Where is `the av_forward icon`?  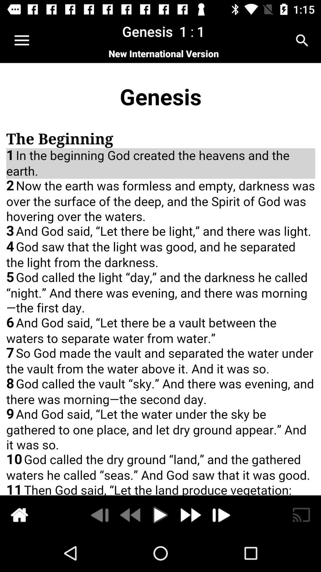 the av_forward icon is located at coordinates (190, 515).